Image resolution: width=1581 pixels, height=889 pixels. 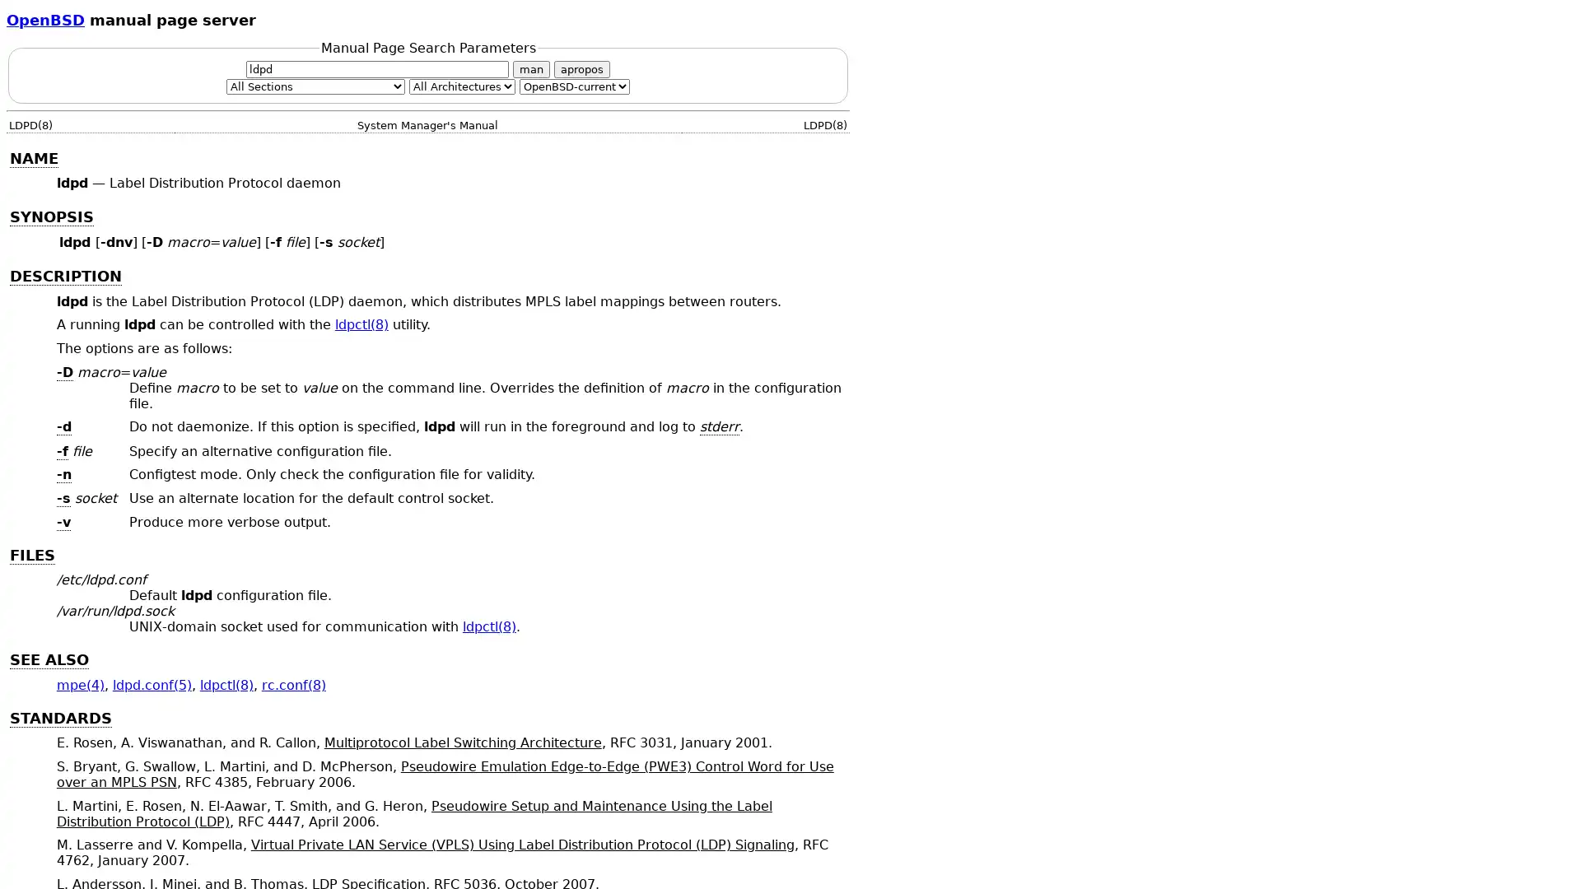 I want to click on apropos, so click(x=581, y=67).